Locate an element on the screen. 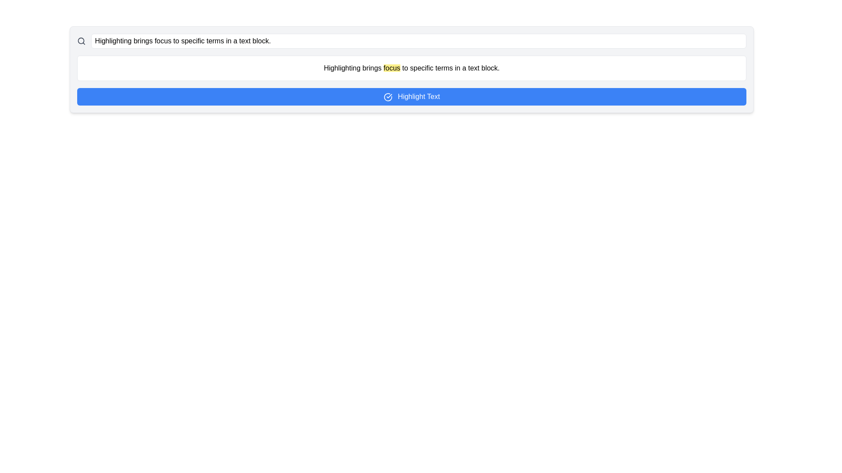 This screenshot has height=473, width=842. highlighted text that says 'focus', which is visually distinct with a bright yellow background and black text, positioned mid-sentence in 'Highlighting brings focus to specific terms in a text block.' is located at coordinates (391, 67).